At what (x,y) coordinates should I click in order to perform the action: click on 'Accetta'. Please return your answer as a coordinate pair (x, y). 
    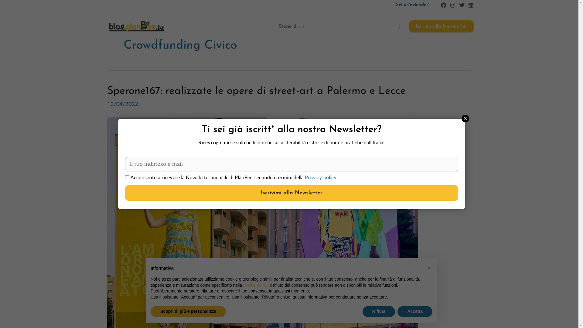
    Looking at the image, I should click on (397, 312).